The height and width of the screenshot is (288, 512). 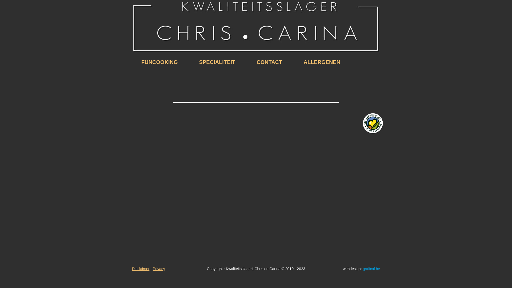 What do you see at coordinates (141, 269) in the screenshot?
I see `'Disclaimer'` at bounding box center [141, 269].